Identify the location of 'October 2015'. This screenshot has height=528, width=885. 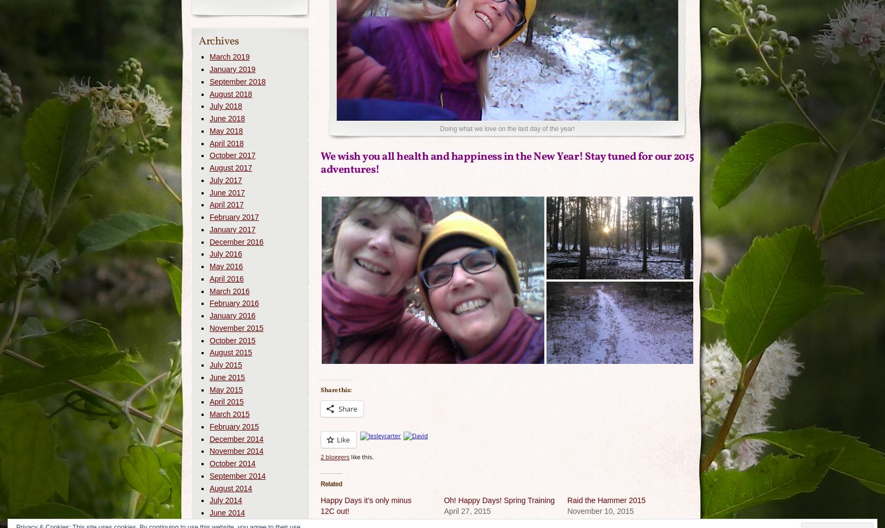
(232, 340).